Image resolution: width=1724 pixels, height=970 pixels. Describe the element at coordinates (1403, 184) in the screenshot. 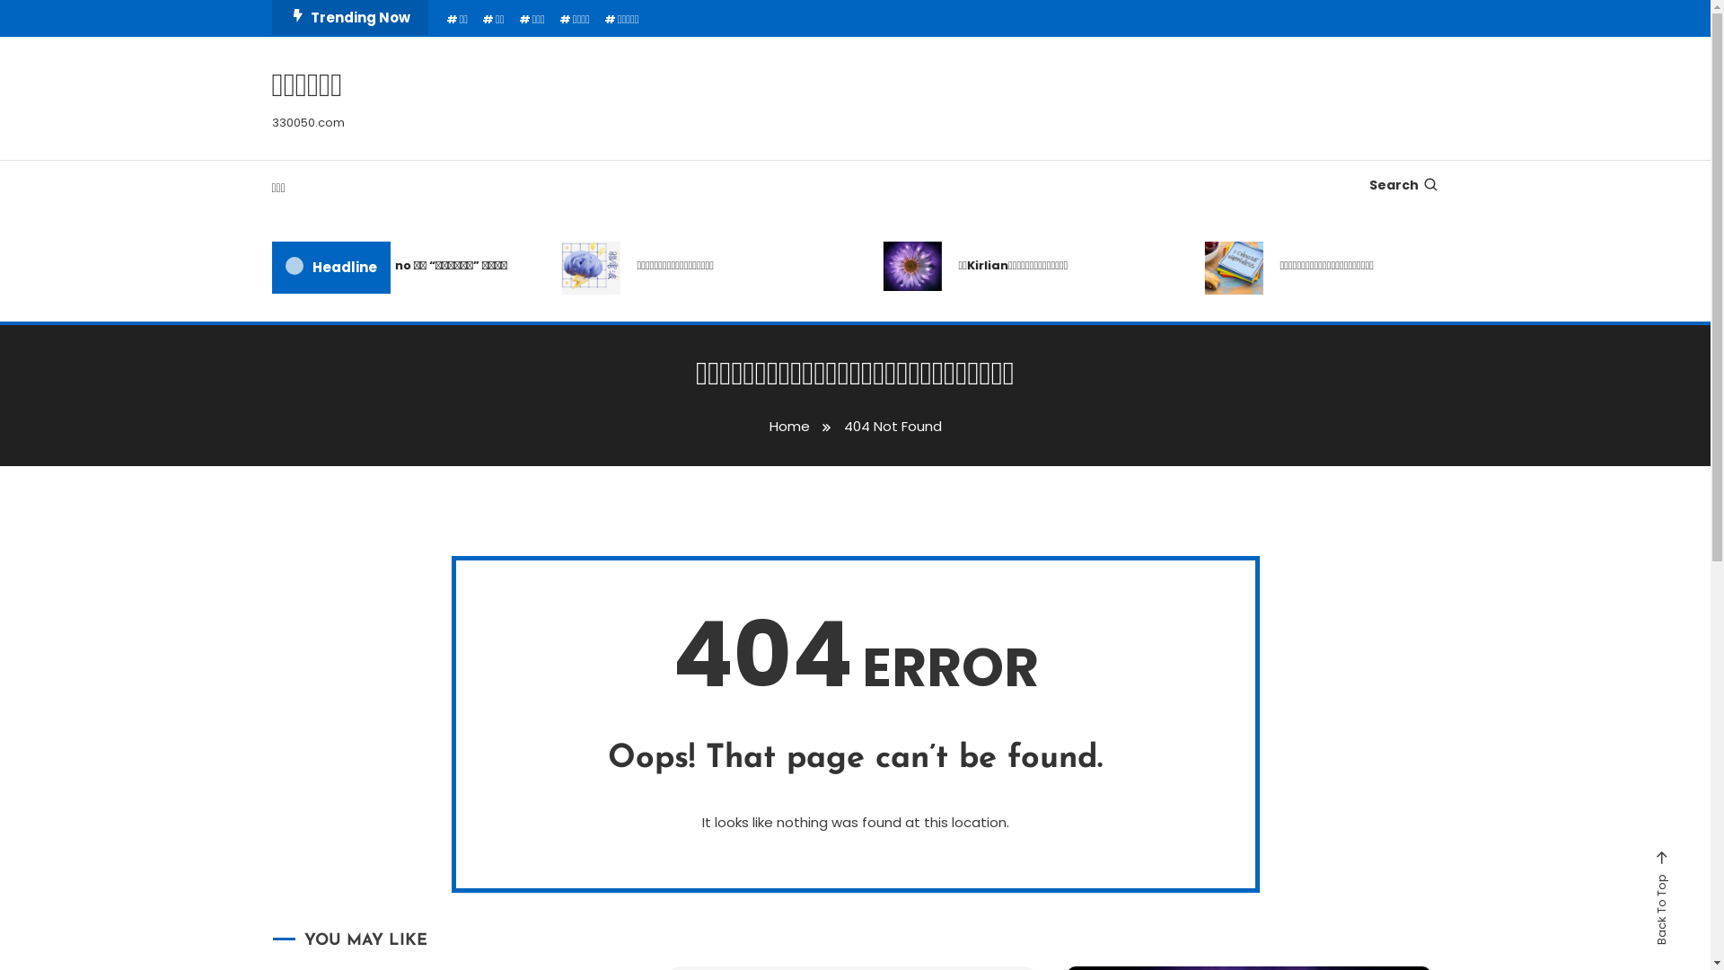

I see `'Search'` at that location.